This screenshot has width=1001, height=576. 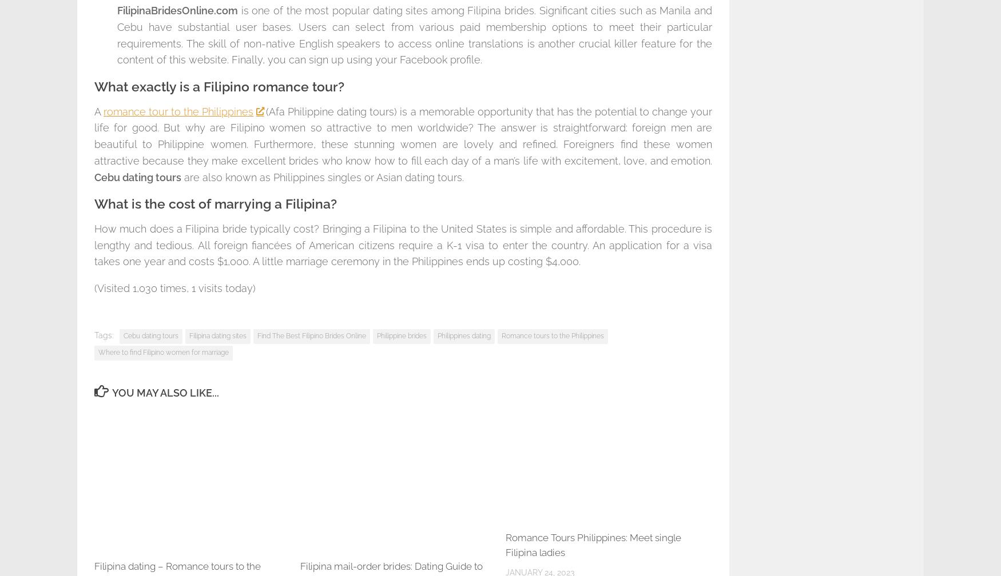 What do you see at coordinates (403, 135) in the screenshot?
I see `'(Afa Philippine dating tours) is a memorable opportunity that has the potential to change your life for good. But why are Filipino women so attractive to men worldwide? The answer is straightforward: foreign men are beautiful to Philippine women. Furthermore, these stunning women are lovely and refined. Foreigners find these women attractive because they make excellent brides who know how to fill each day of a man’s life with excitement, love, and emotion.'` at bounding box center [403, 135].